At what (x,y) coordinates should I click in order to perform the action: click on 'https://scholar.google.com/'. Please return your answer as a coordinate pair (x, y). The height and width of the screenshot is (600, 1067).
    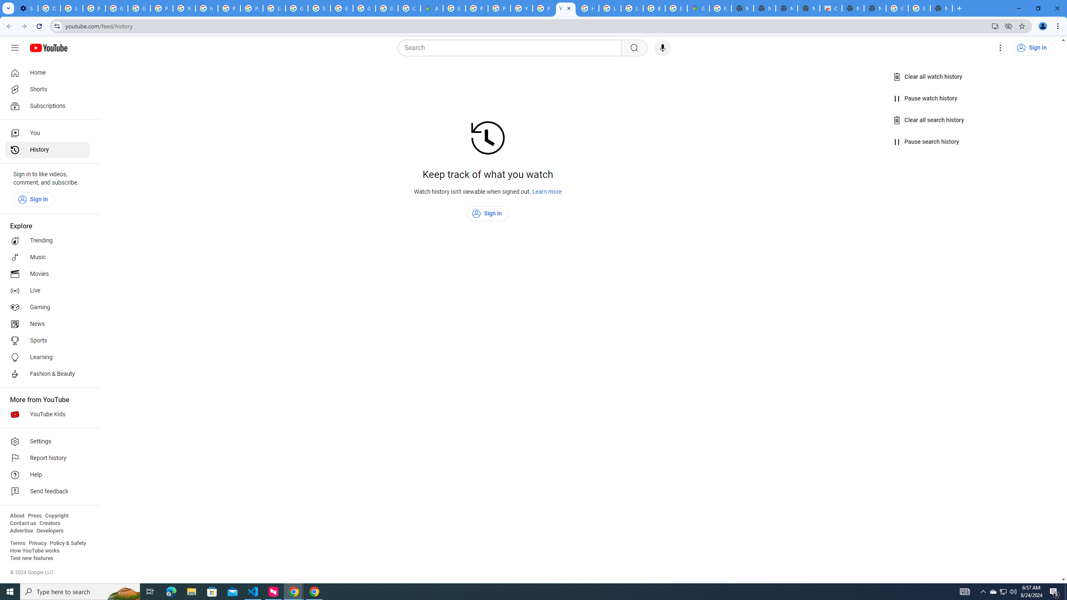
    Looking at the image, I should click on (207, 8).